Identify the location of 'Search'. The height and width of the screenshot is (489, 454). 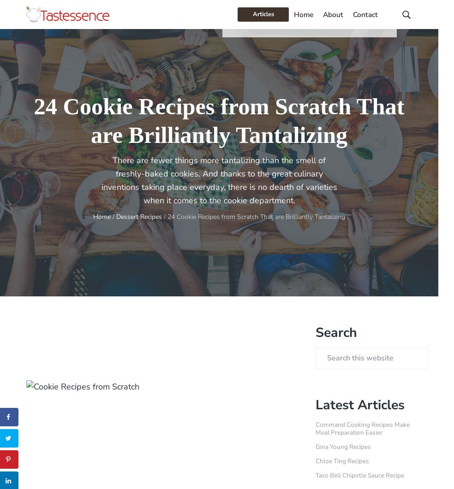
(336, 332).